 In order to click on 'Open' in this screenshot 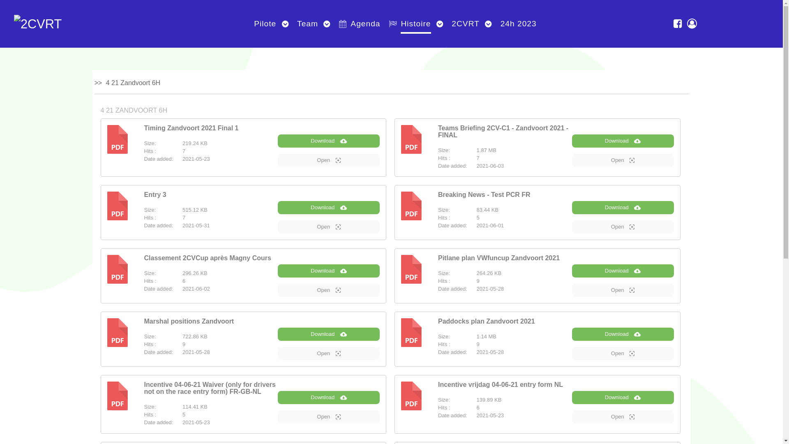, I will do `click(329, 160)`.